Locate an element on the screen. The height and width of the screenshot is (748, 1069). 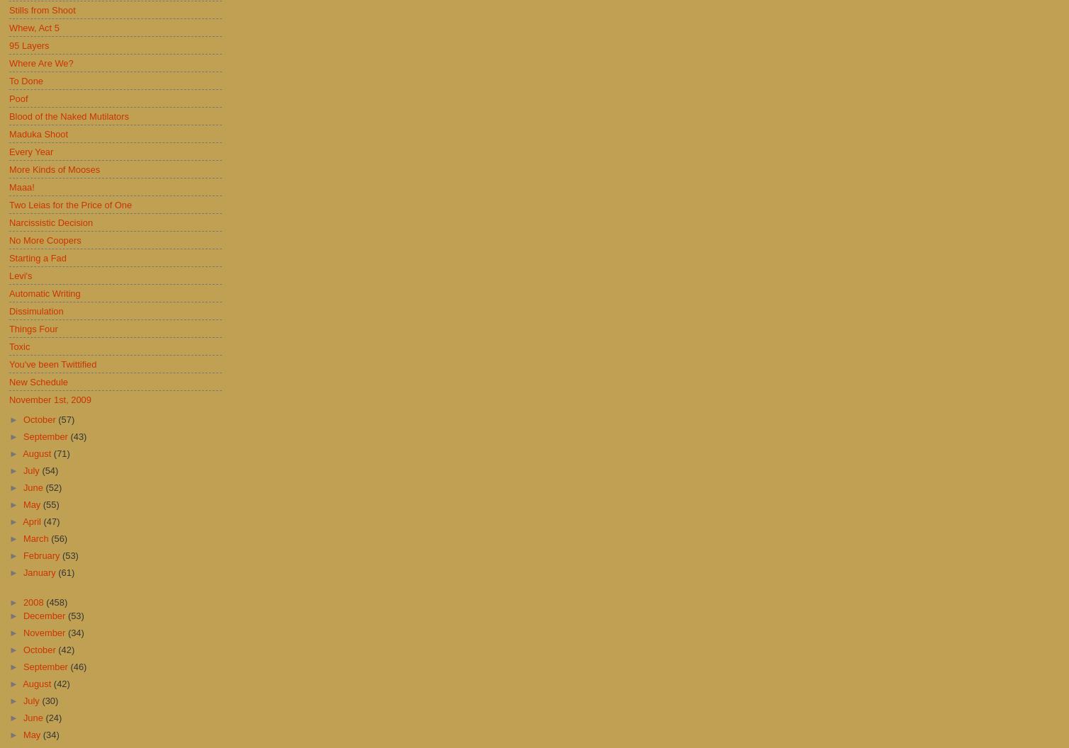
'(24)' is located at coordinates (53, 717).